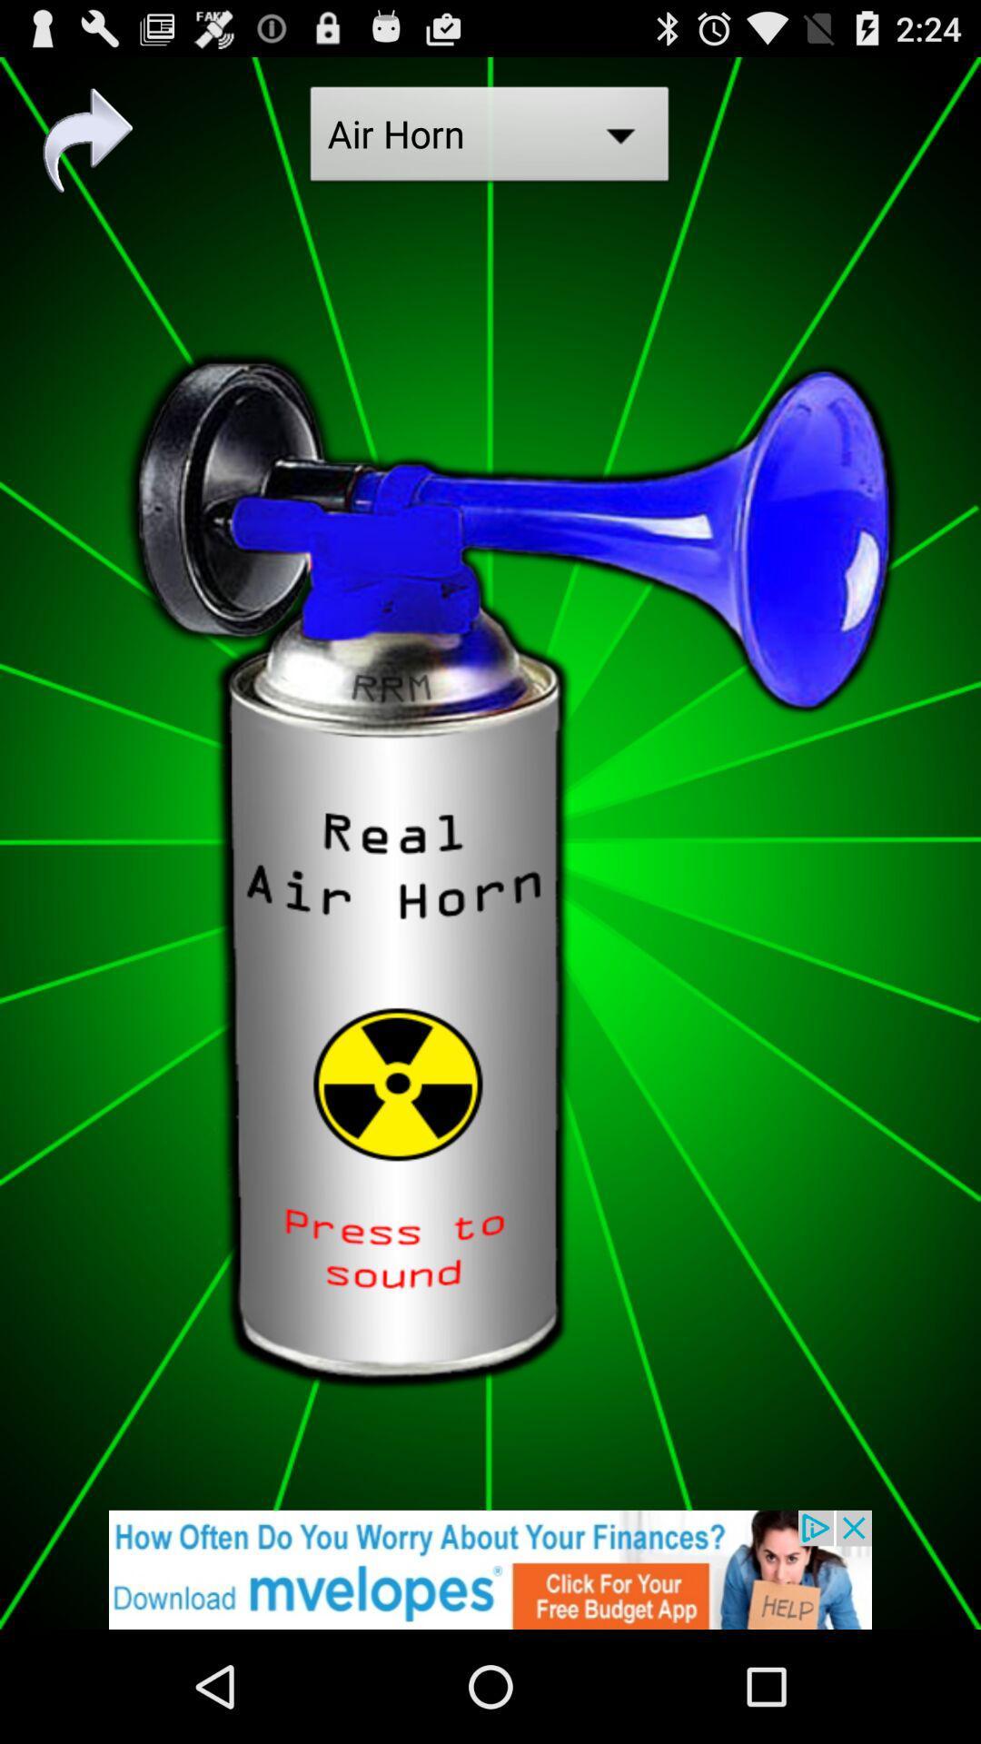 This screenshot has width=981, height=1744. What do you see at coordinates (88, 139) in the screenshot?
I see `next` at bounding box center [88, 139].